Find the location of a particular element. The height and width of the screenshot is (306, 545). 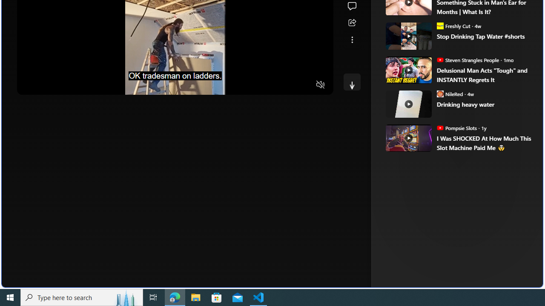

'Freshly Cut Freshly Cut' is located at coordinates (453, 25).